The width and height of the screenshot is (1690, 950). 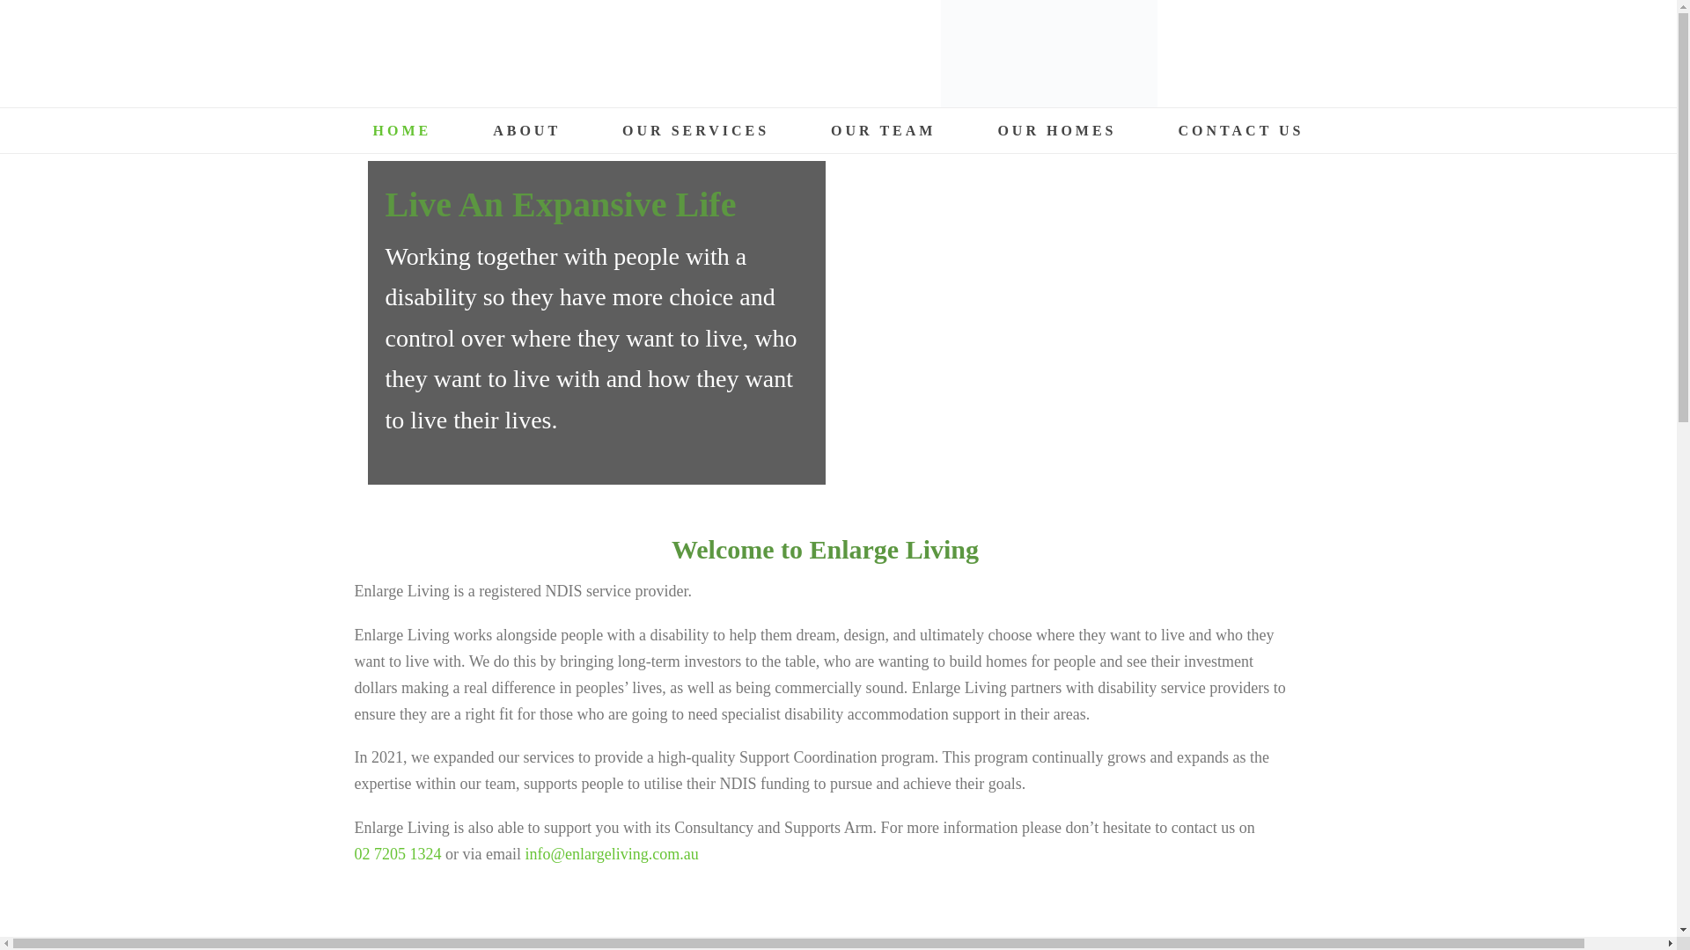 I want to click on 'OUR TEAM', so click(x=883, y=129).